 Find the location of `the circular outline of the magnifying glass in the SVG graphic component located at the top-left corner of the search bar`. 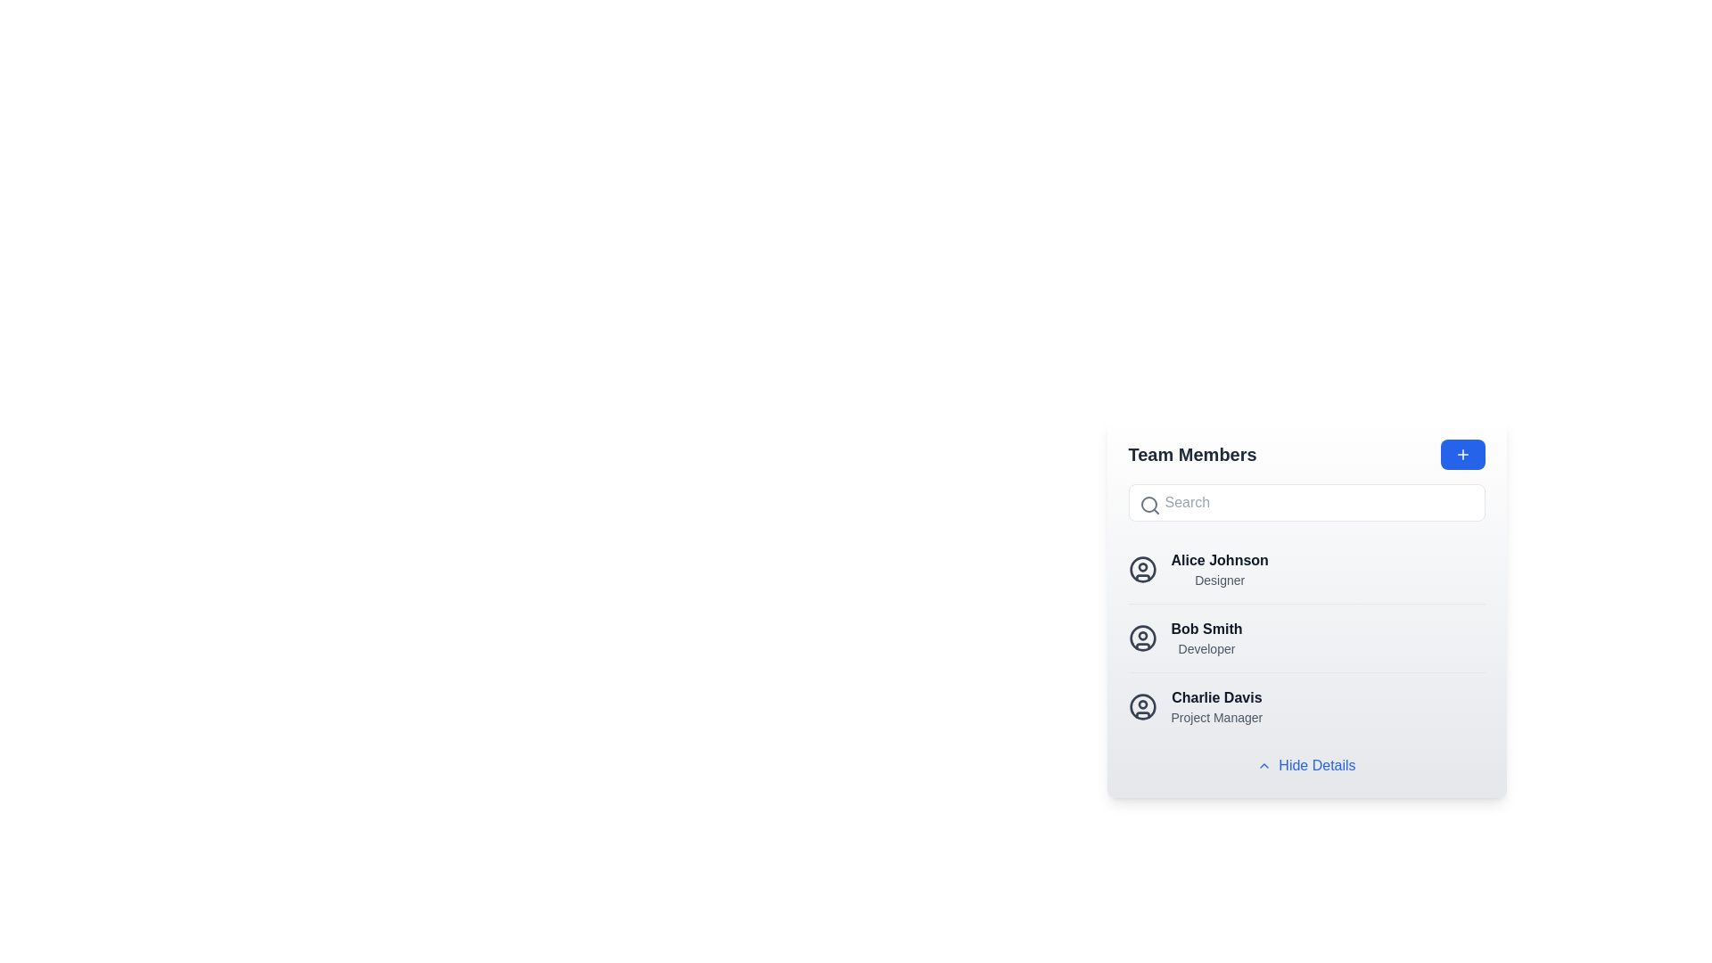

the circular outline of the magnifying glass in the SVG graphic component located at the top-left corner of the search bar is located at coordinates (1148, 505).